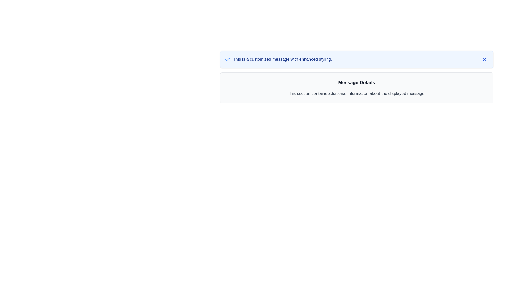 Image resolution: width=506 pixels, height=284 pixels. What do you see at coordinates (282, 59) in the screenshot?
I see `the static text component displaying 'This is a customized message with enhanced styling.' to possibly reveal more details` at bounding box center [282, 59].